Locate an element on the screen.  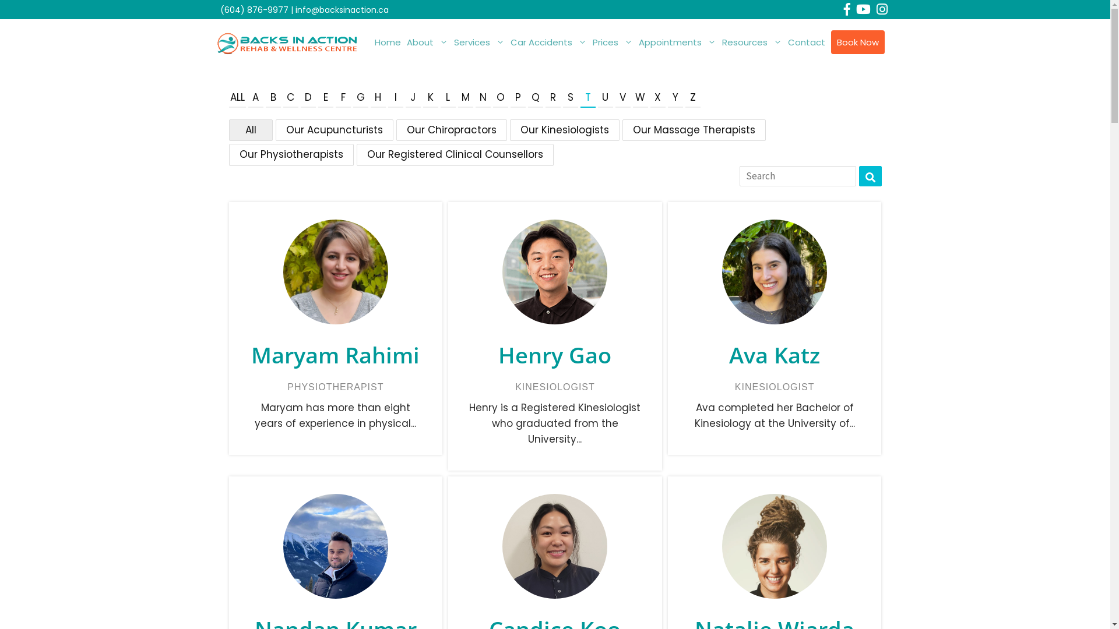
'B' is located at coordinates (273, 98).